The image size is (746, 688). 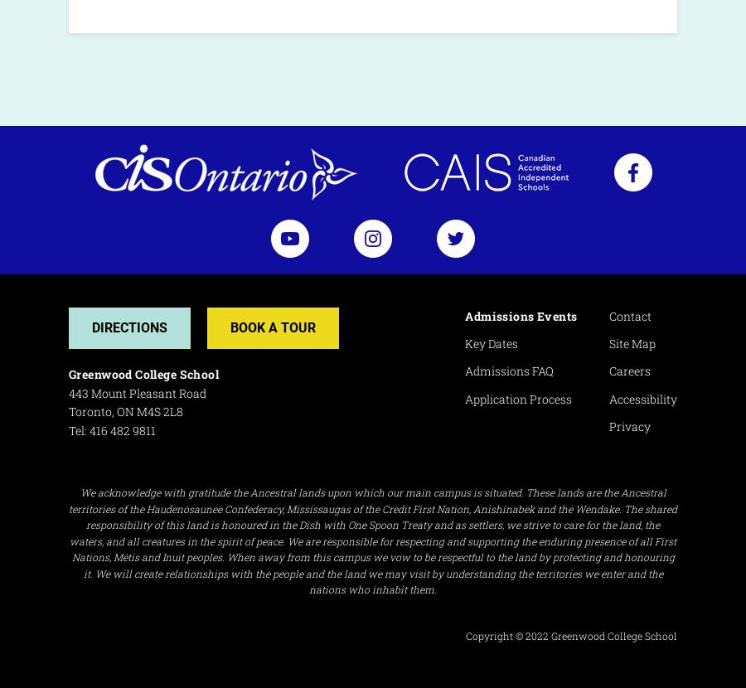 I want to click on 'Contact', so click(x=629, y=314).